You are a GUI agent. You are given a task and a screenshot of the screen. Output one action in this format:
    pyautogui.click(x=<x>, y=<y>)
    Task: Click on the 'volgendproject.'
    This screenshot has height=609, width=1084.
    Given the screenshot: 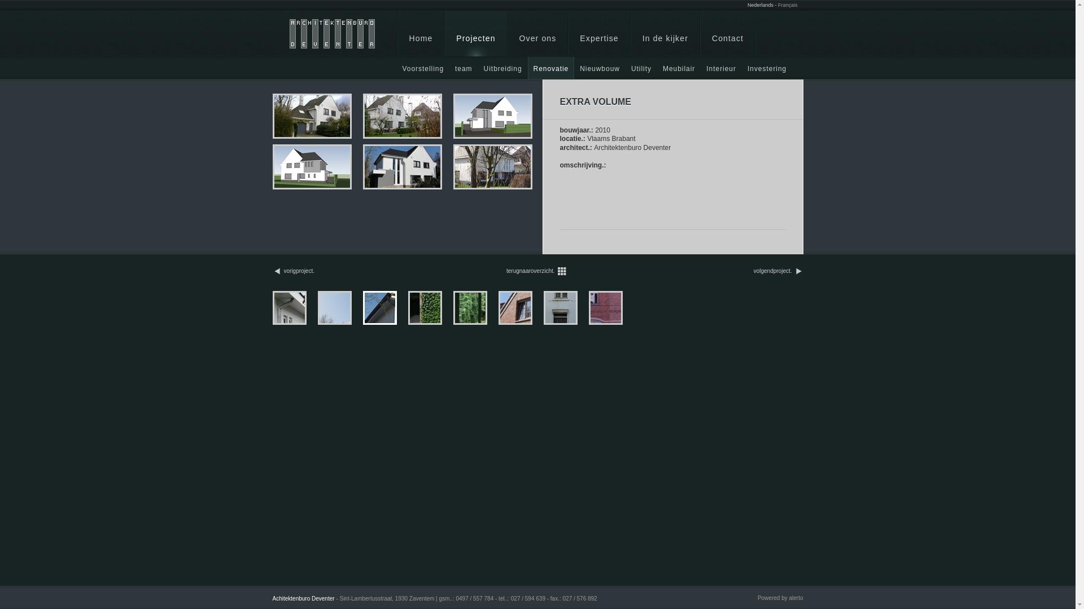 What is the action you would take?
    pyautogui.click(x=742, y=271)
    